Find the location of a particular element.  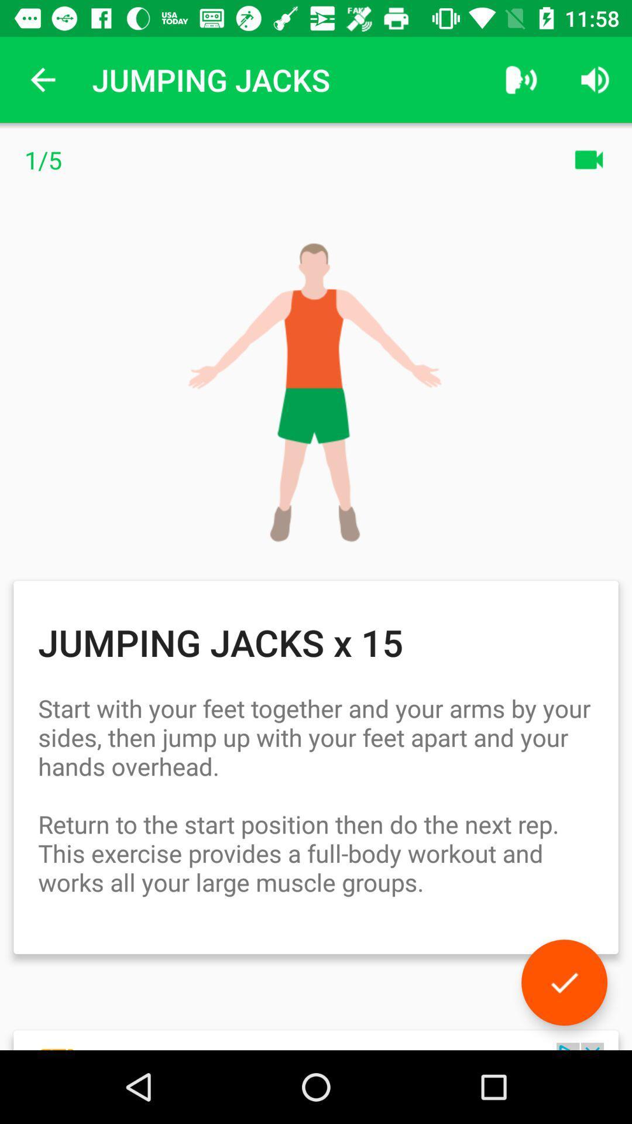

item at the bottom right corner is located at coordinates (564, 982).